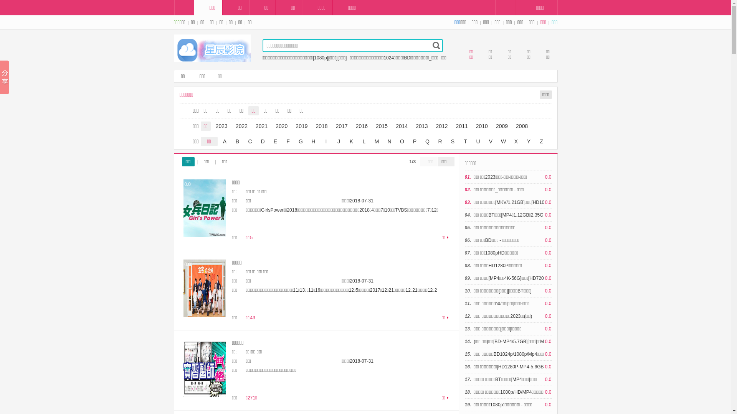 This screenshot has height=414, width=737. Describe the element at coordinates (326, 141) in the screenshot. I see `'I'` at that location.